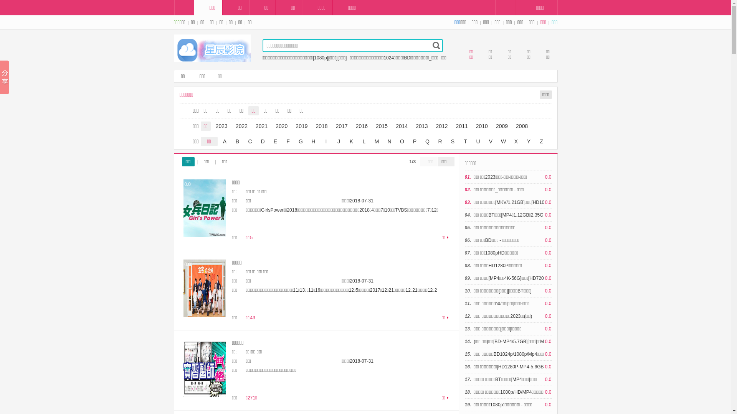 This screenshot has height=414, width=737. Describe the element at coordinates (326, 141) in the screenshot. I see `'I'` at that location.